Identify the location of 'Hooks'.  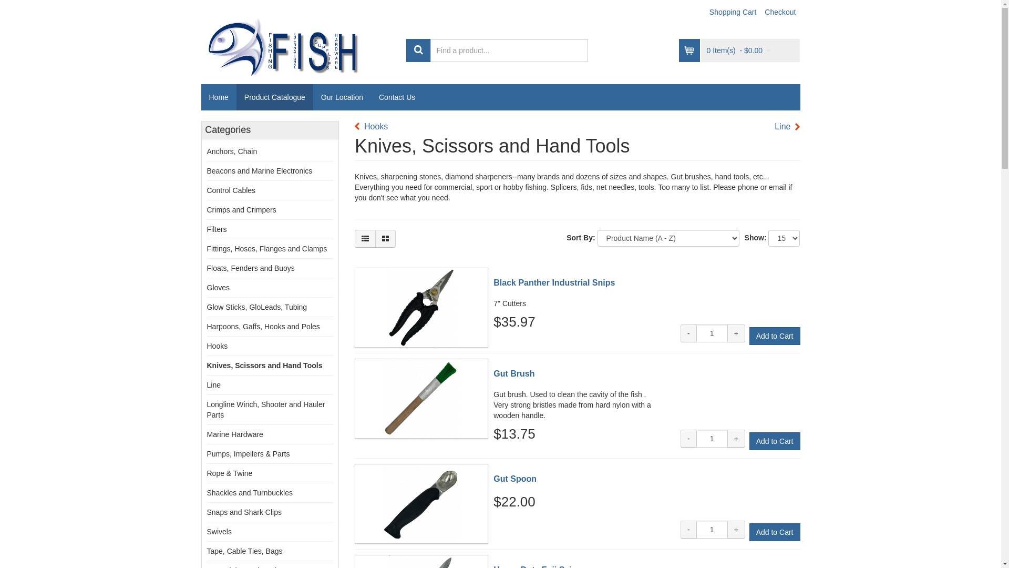
(371, 126).